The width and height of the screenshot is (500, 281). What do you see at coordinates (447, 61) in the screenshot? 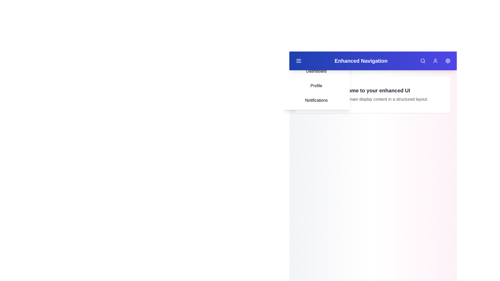
I see `the settings button located at the top-right corner of the app bar` at bounding box center [447, 61].